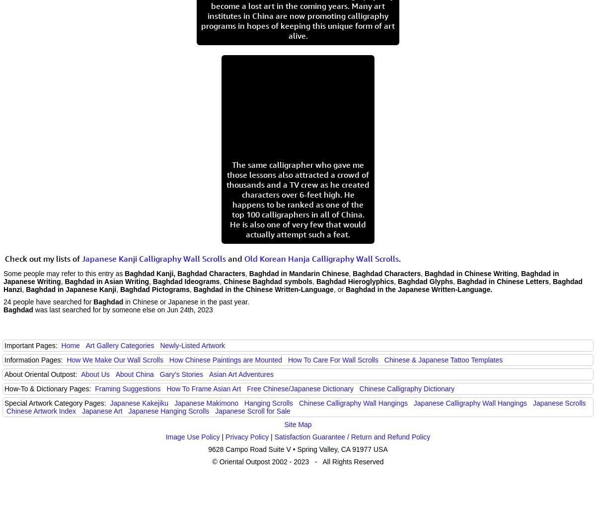 The width and height of the screenshot is (596, 507). I want to click on '9628 Campo Road Suite V • Spring Valley, CA 91977 USA', so click(297, 449).